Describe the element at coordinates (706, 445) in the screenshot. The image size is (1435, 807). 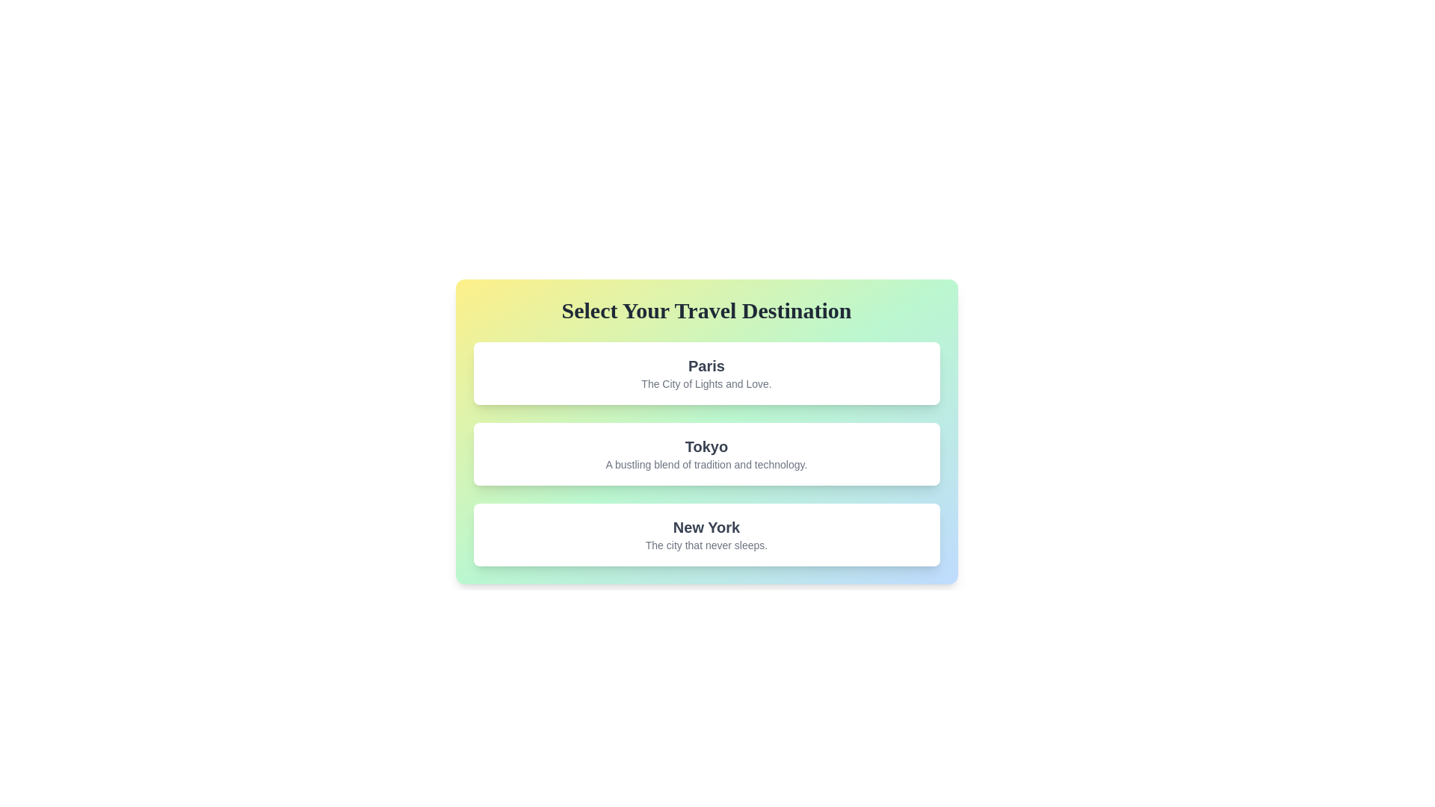
I see `the Text Label indicating the travel destination 'Tokyo', which is positioned at the top center of the travel option box` at that location.